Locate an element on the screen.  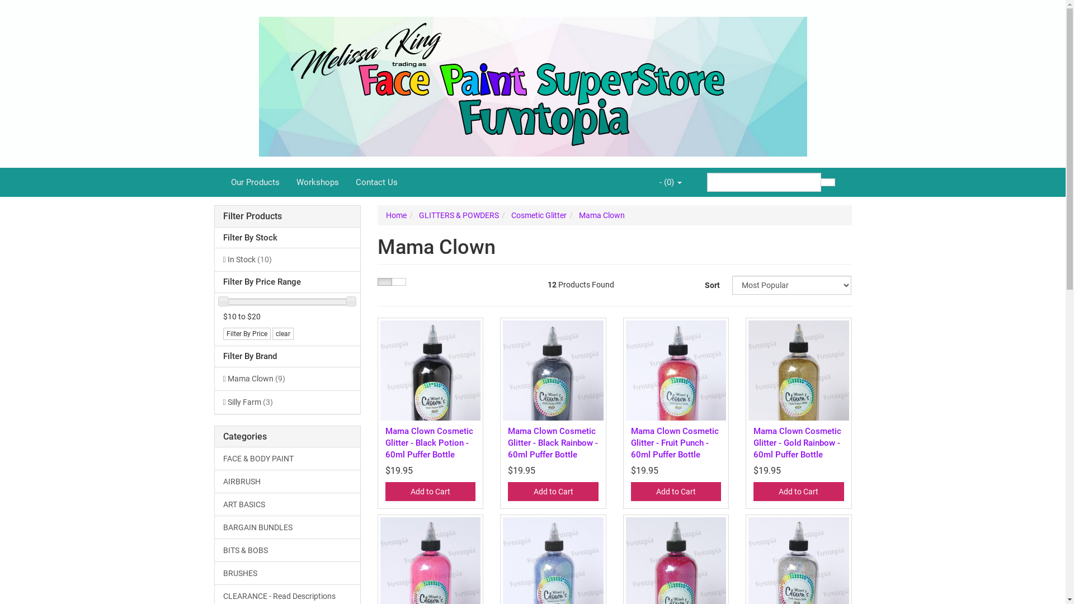
'Silly Farm (3)' is located at coordinates (288, 401).